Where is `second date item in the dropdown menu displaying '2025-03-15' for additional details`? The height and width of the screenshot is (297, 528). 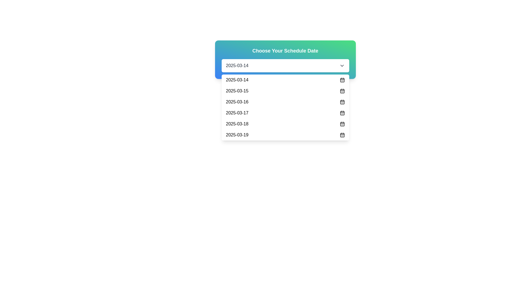
second date item in the dropdown menu displaying '2025-03-15' for additional details is located at coordinates (285, 91).